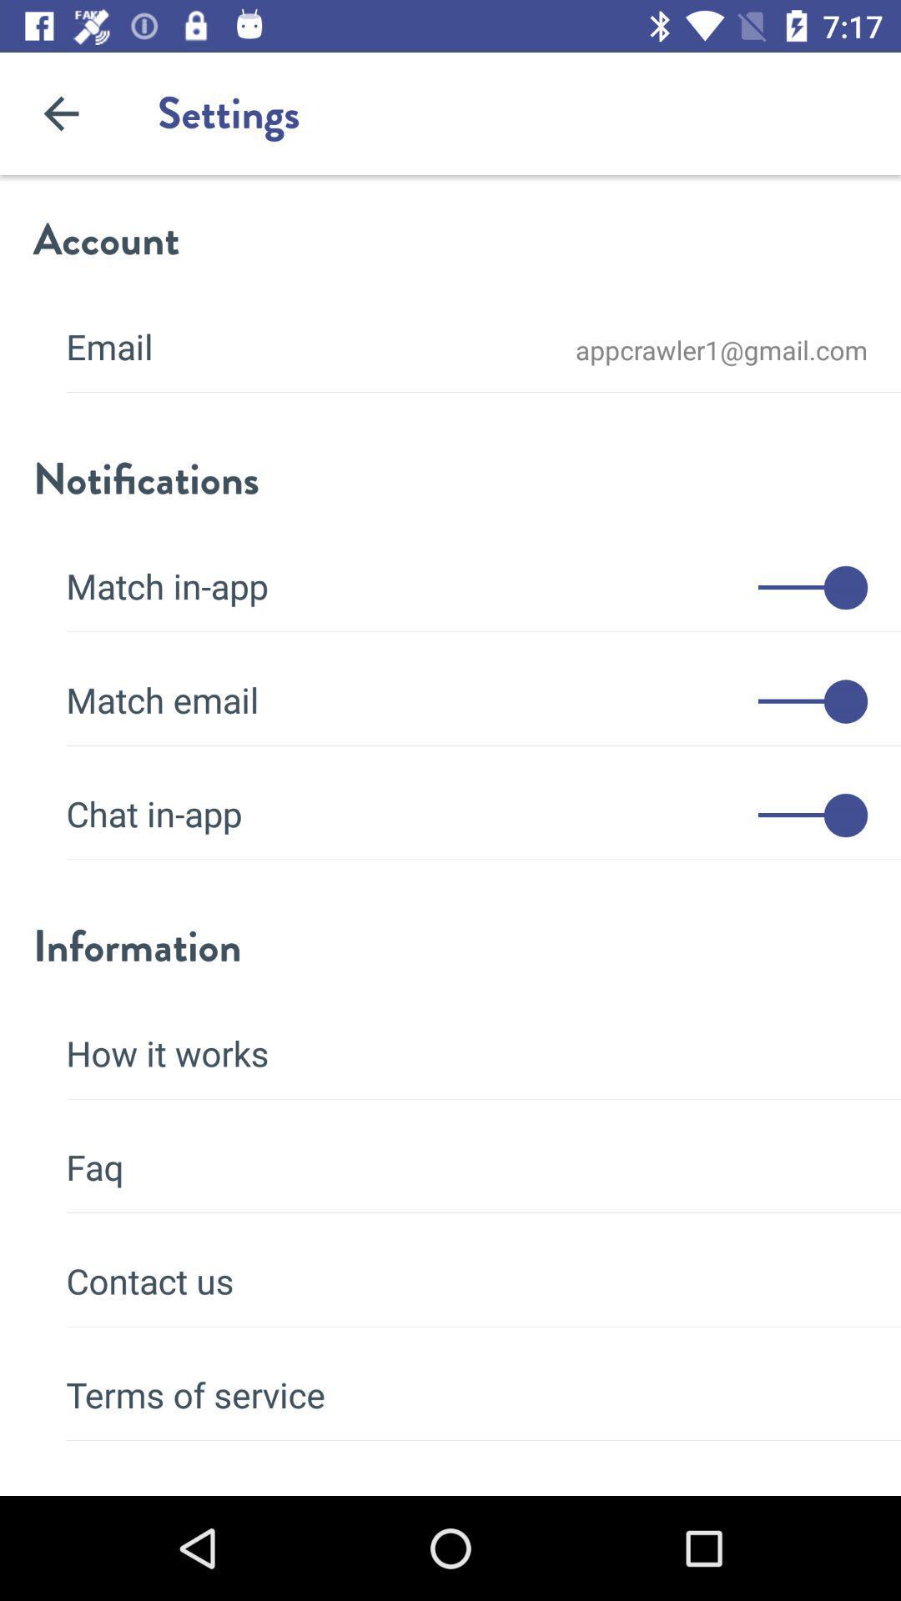  Describe the element at coordinates (466, 1384) in the screenshot. I see `the text terms of service` at that location.